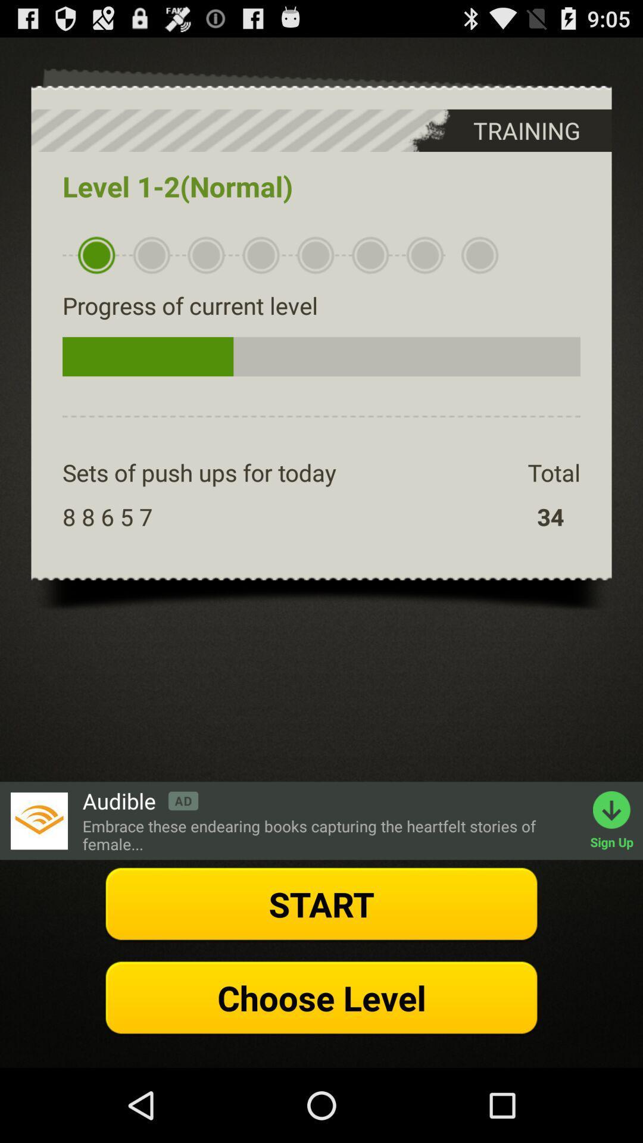 Image resolution: width=643 pixels, height=1143 pixels. Describe the element at coordinates (315, 255) in the screenshot. I see `the fifth circle` at that location.